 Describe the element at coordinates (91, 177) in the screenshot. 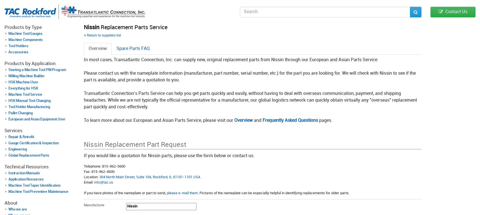

I see `'Location:'` at that location.